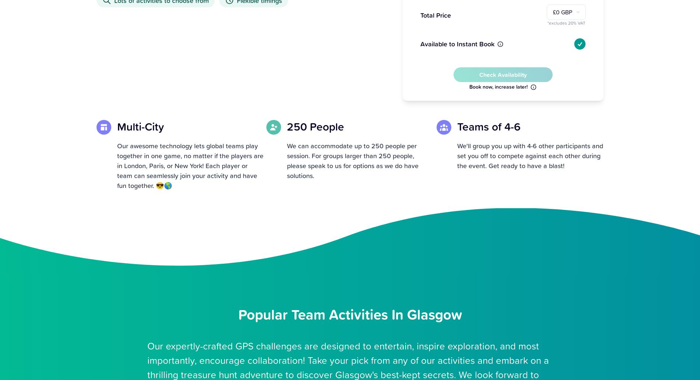  What do you see at coordinates (502, 74) in the screenshot?
I see `'Check Availability'` at bounding box center [502, 74].